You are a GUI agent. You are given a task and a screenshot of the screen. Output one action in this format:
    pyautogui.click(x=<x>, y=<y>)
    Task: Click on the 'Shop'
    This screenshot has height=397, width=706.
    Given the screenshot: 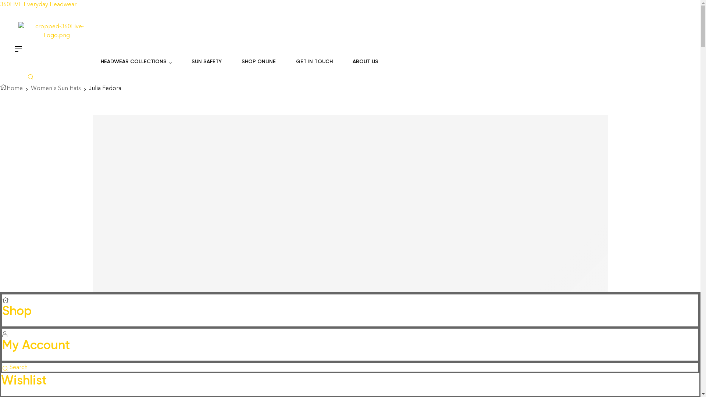 What is the action you would take?
    pyautogui.click(x=17, y=311)
    